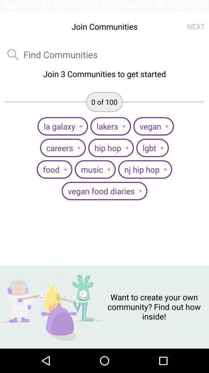 The width and height of the screenshot is (209, 373). What do you see at coordinates (12, 54) in the screenshot?
I see `the search icon` at bounding box center [12, 54].